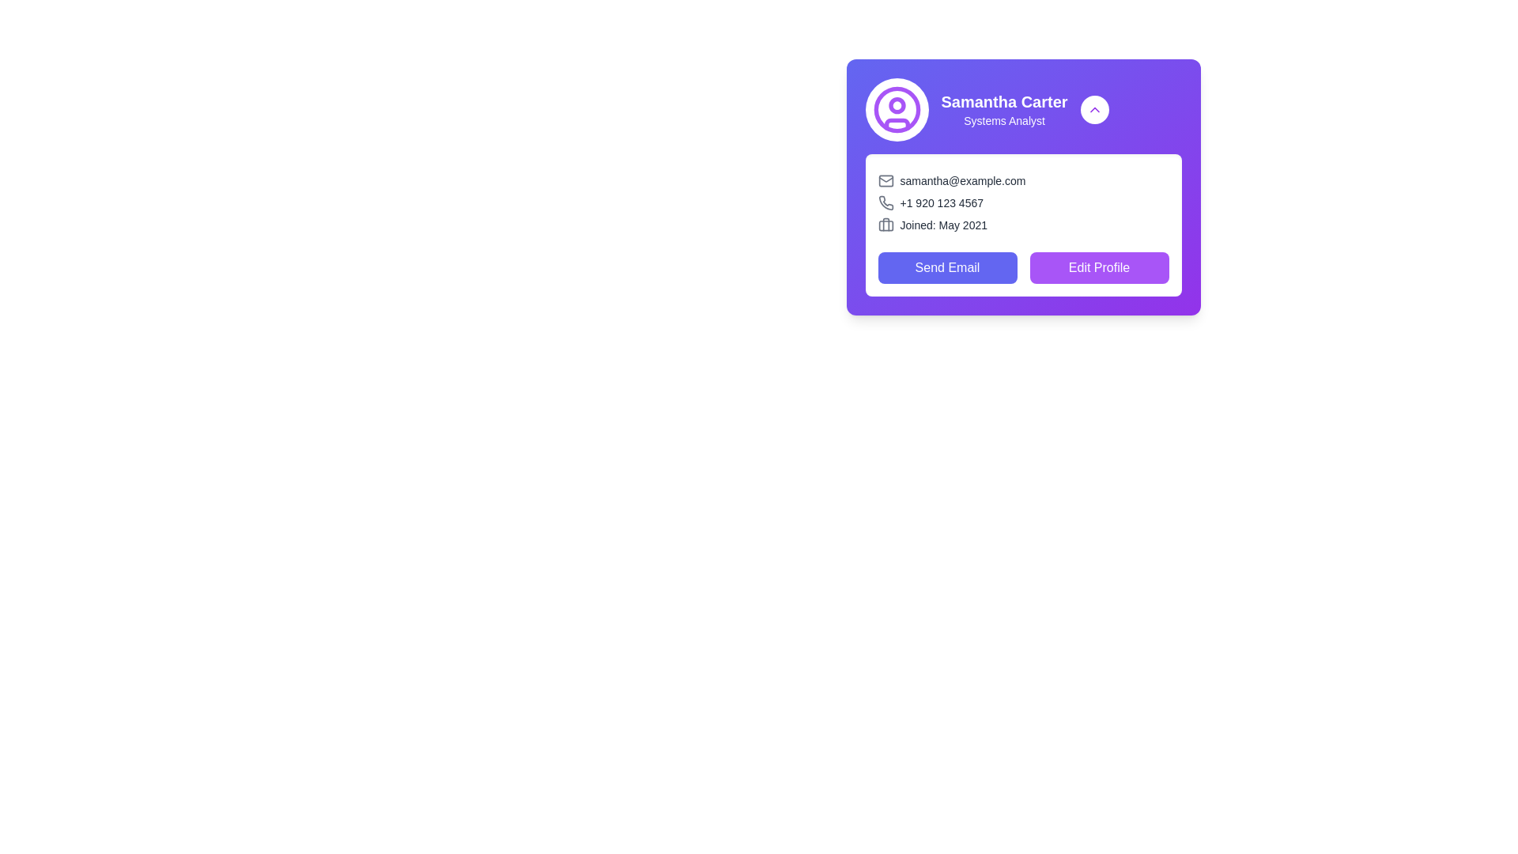 Image resolution: width=1518 pixels, height=854 pixels. What do you see at coordinates (897, 108) in the screenshot?
I see `the circular user icon with a dark purple outline and insignia, which is located in the top-left region of the user profile card, next to the 'Samantha Carter' username` at bounding box center [897, 108].